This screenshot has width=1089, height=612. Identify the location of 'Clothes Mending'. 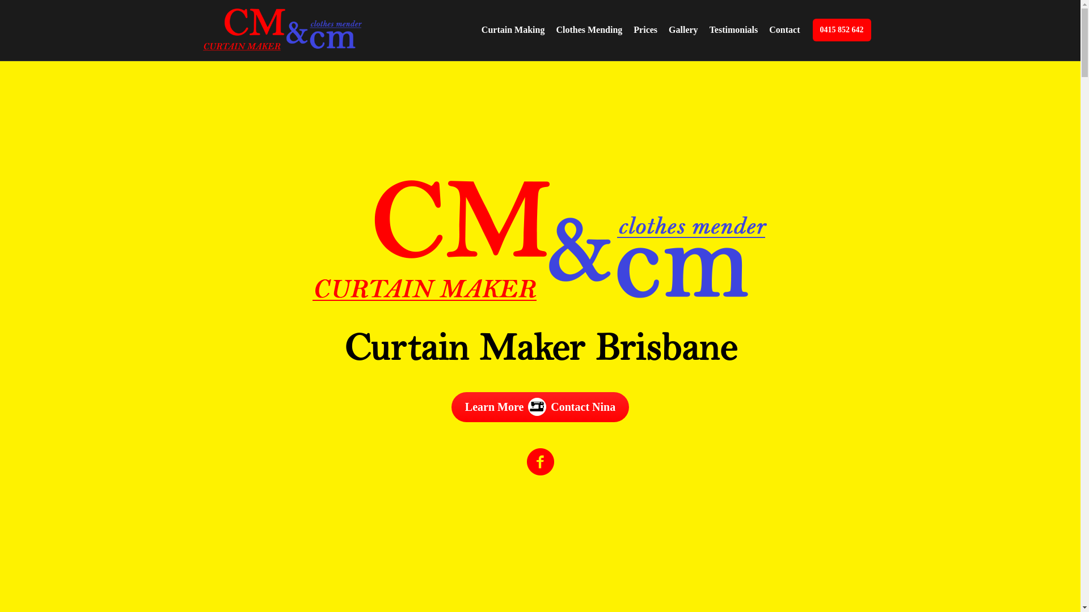
(589, 29).